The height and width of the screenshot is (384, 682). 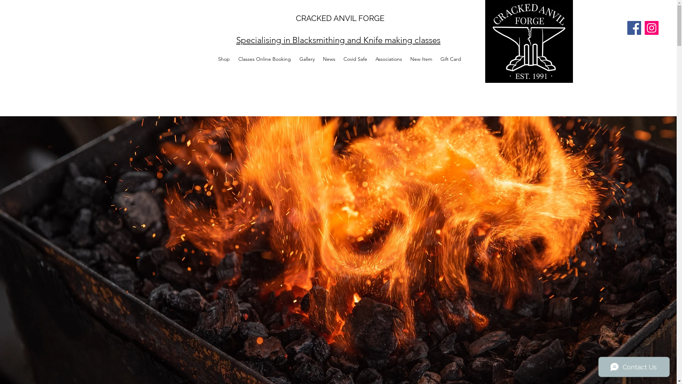 What do you see at coordinates (264, 58) in the screenshot?
I see `'Classes Online Booking'` at bounding box center [264, 58].